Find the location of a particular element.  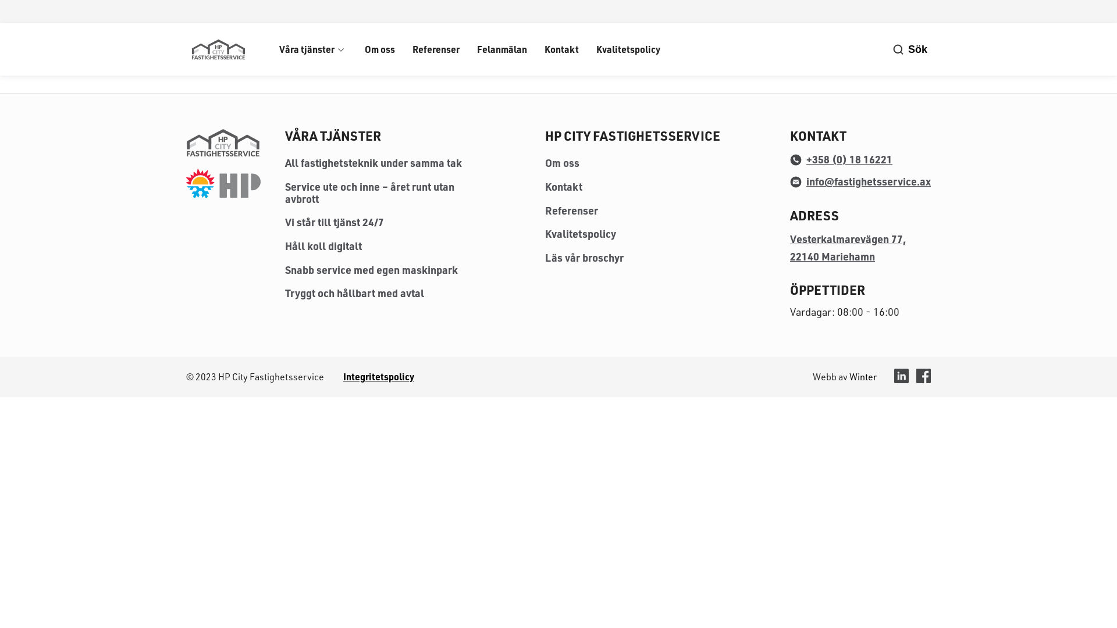

'Kvalitetspolicy' is located at coordinates (628, 48).